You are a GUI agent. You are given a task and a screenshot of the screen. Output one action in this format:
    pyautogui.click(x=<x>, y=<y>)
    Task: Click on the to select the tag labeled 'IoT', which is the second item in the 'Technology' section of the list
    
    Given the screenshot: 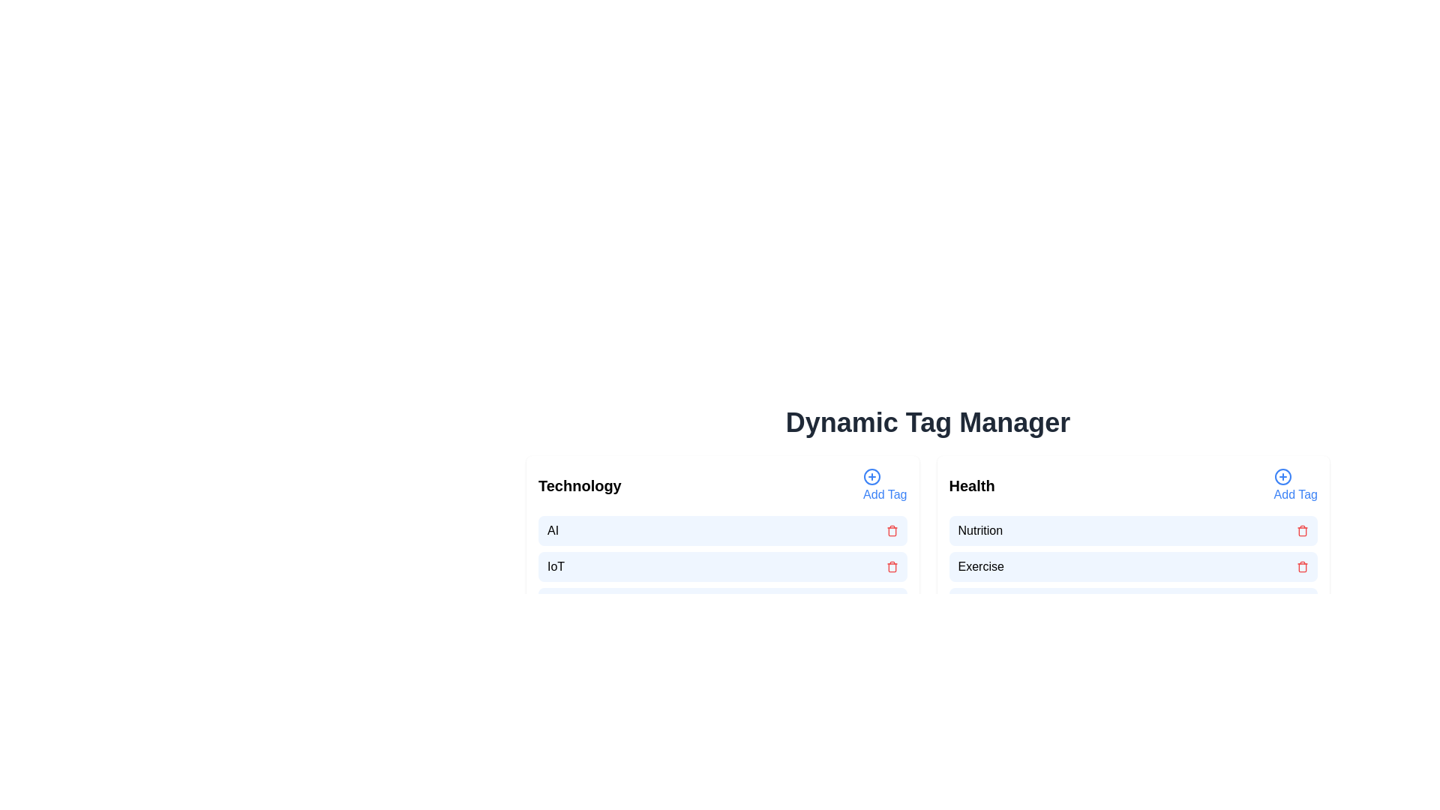 What is the action you would take?
    pyautogui.click(x=722, y=567)
    